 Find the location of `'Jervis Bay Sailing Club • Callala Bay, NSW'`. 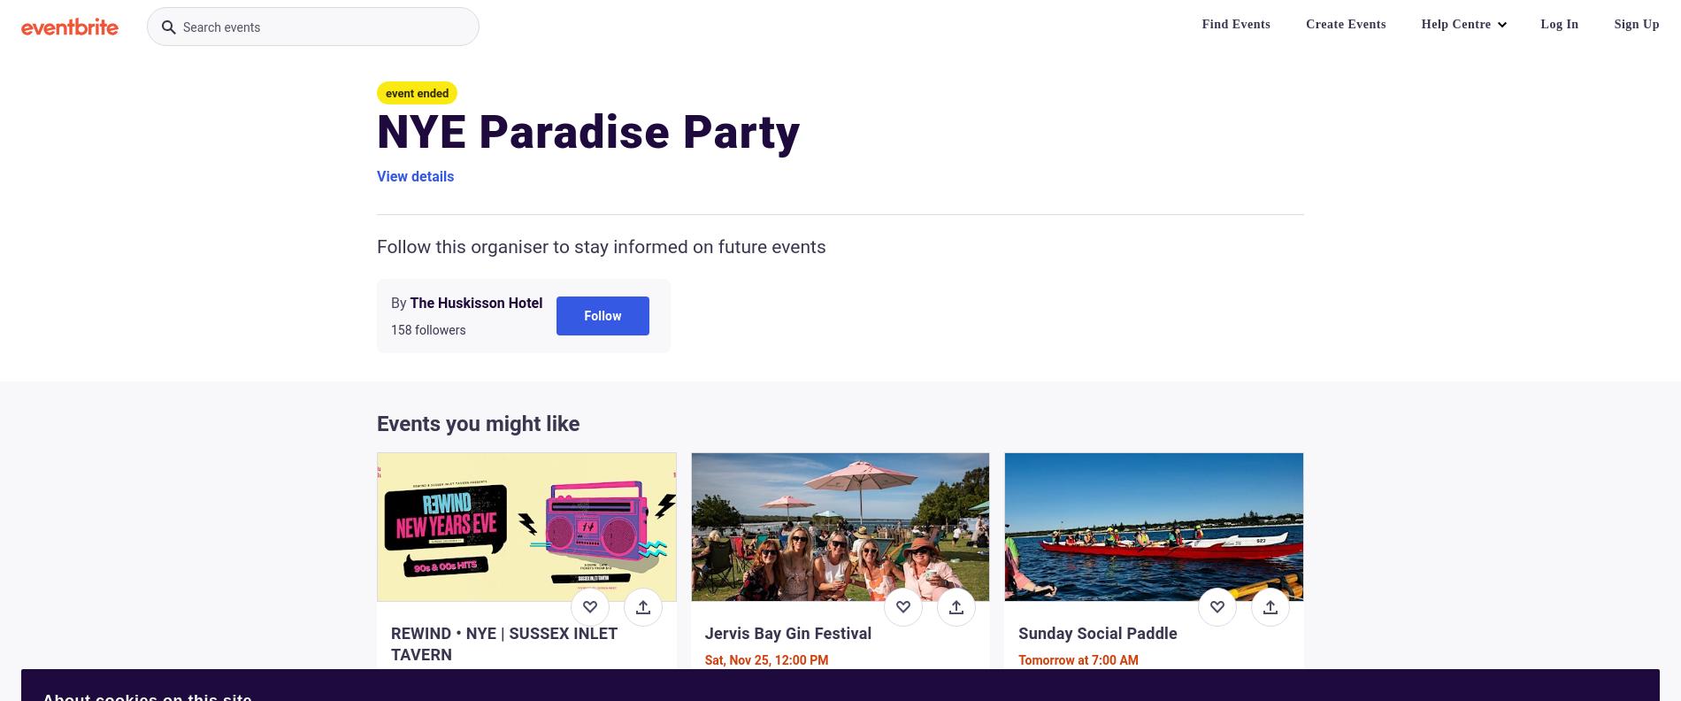

'Jervis Bay Sailing Club • Callala Bay, NSW' is located at coordinates (1131, 685).